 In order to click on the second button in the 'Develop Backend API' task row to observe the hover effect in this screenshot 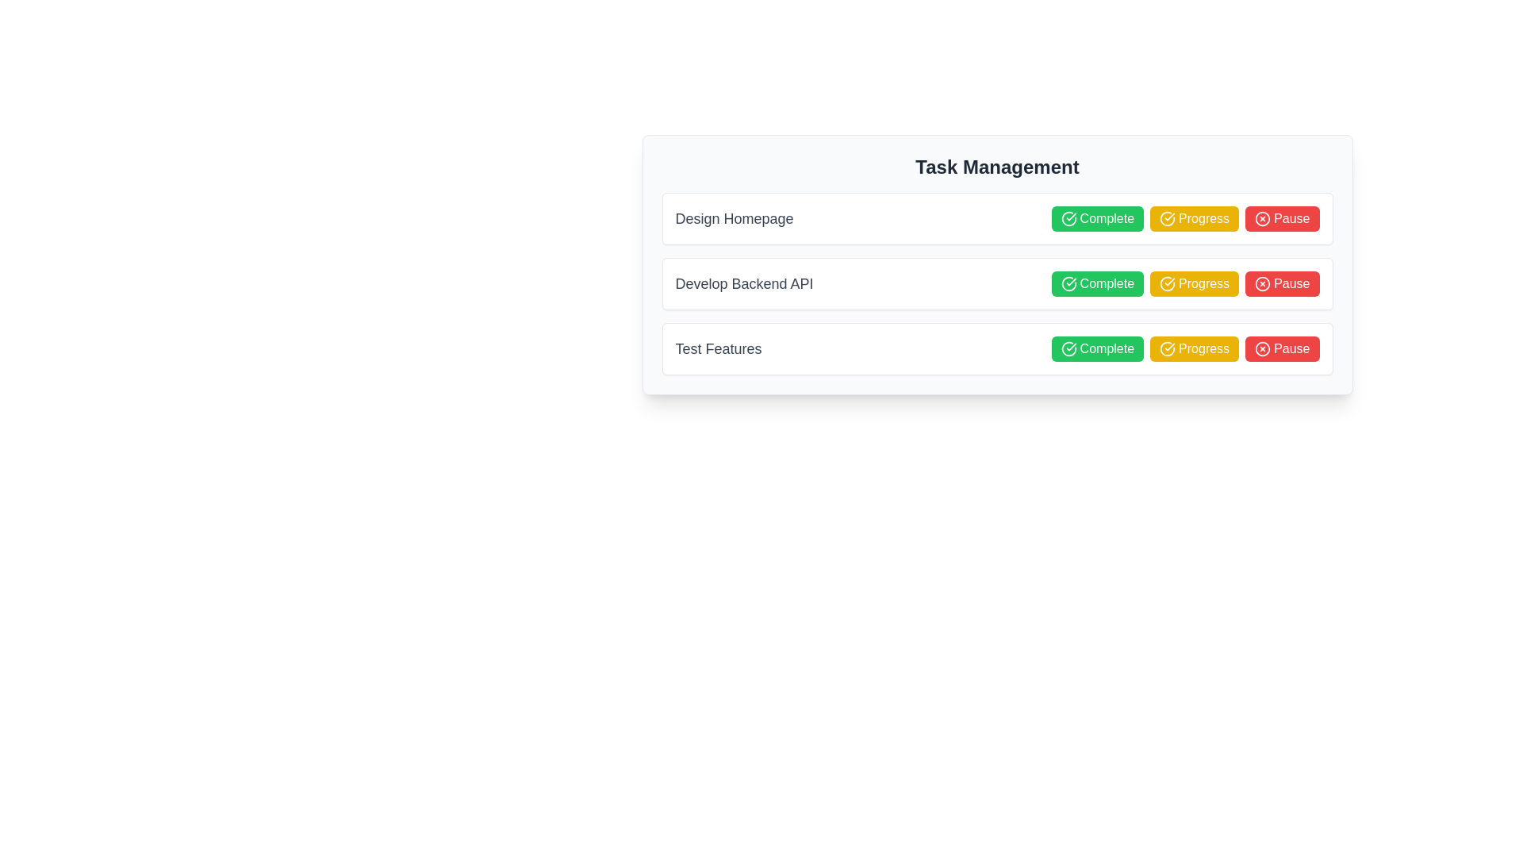, I will do `click(1185, 283)`.